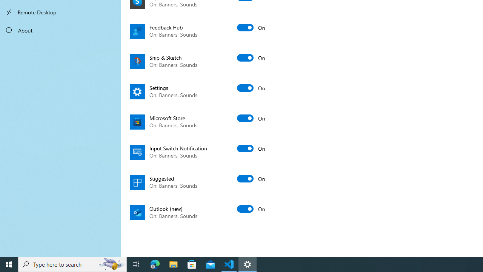  I want to click on 'Settings - 1 running window', so click(248, 264).